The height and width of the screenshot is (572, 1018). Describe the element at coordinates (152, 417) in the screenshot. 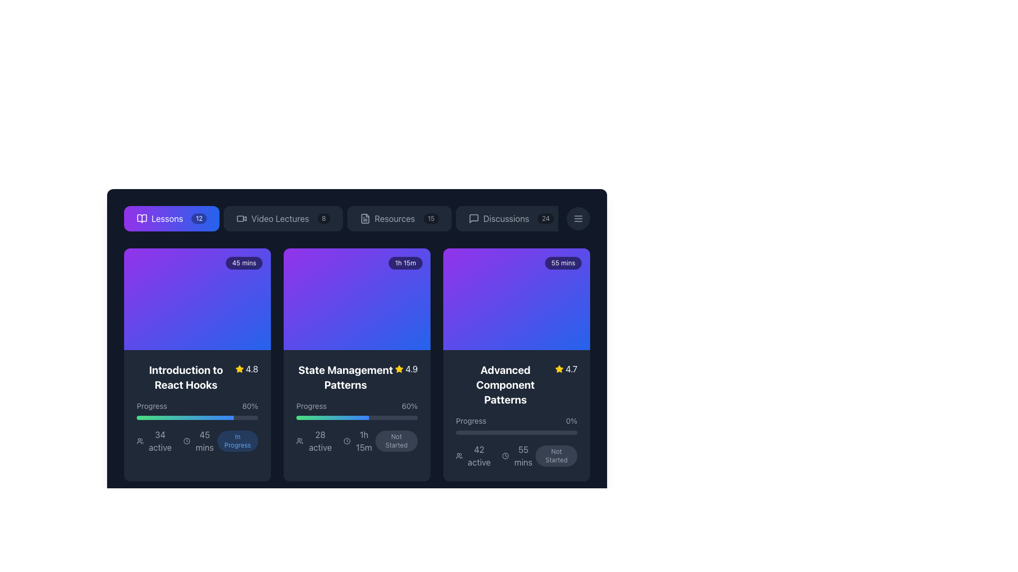

I see `the progress bar` at that location.